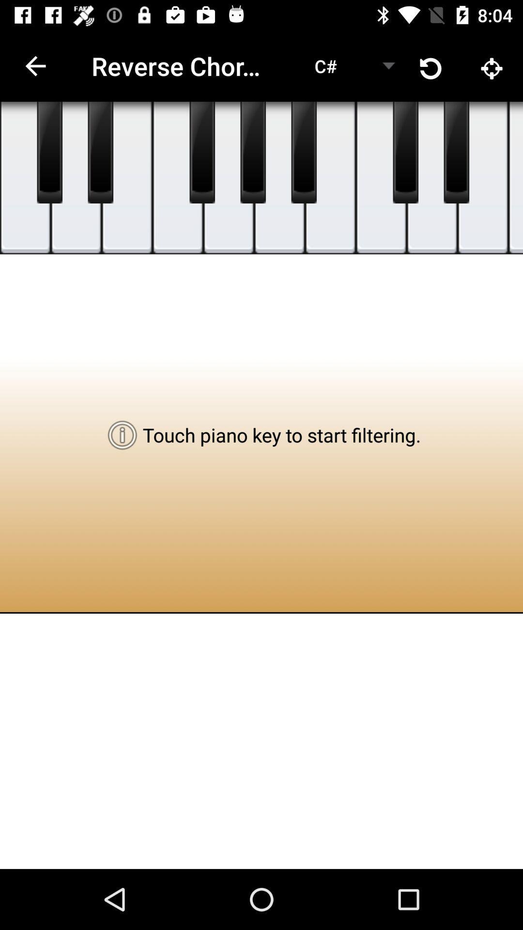  Describe the element at coordinates (100, 152) in the screenshot. I see `piano key` at that location.